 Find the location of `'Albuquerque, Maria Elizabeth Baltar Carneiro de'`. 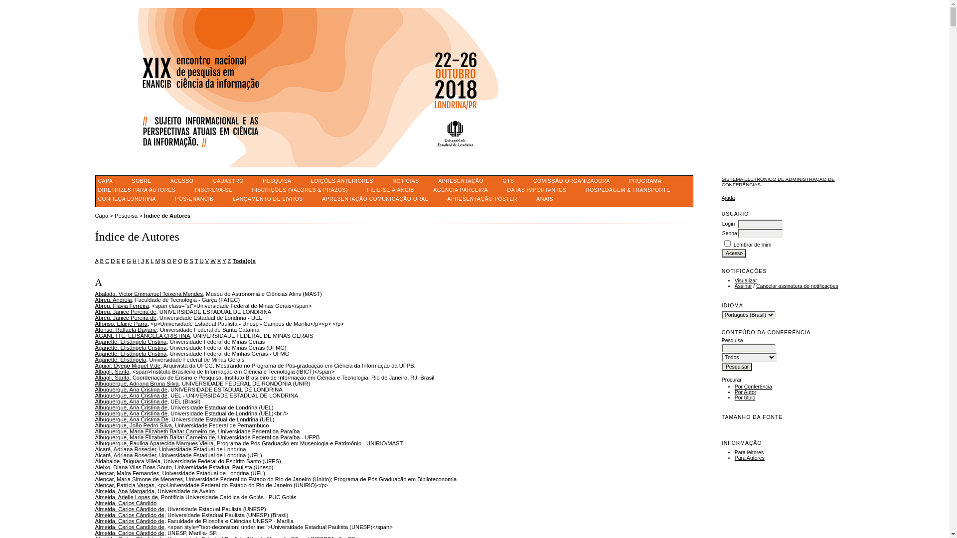

'Albuquerque, Maria Elizabeth Baltar Carneiro de' is located at coordinates (154, 437).